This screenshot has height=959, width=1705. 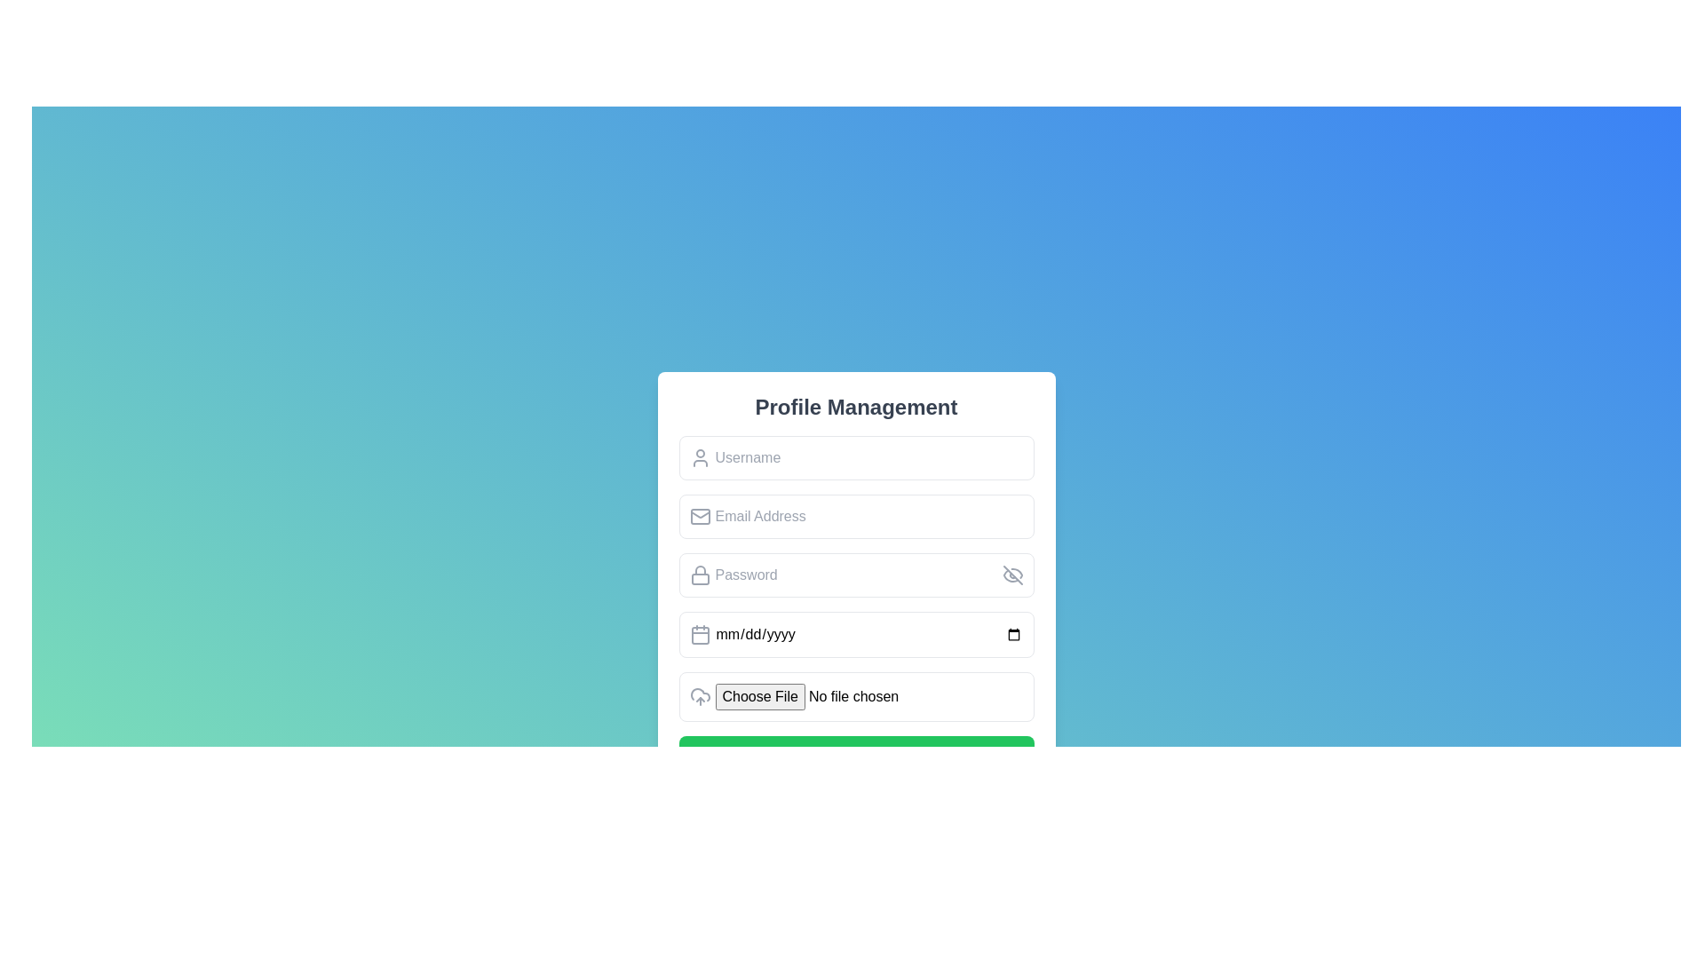 What do you see at coordinates (856, 696) in the screenshot?
I see `the 'Choose File' input field in the 'Profile Management' form` at bounding box center [856, 696].